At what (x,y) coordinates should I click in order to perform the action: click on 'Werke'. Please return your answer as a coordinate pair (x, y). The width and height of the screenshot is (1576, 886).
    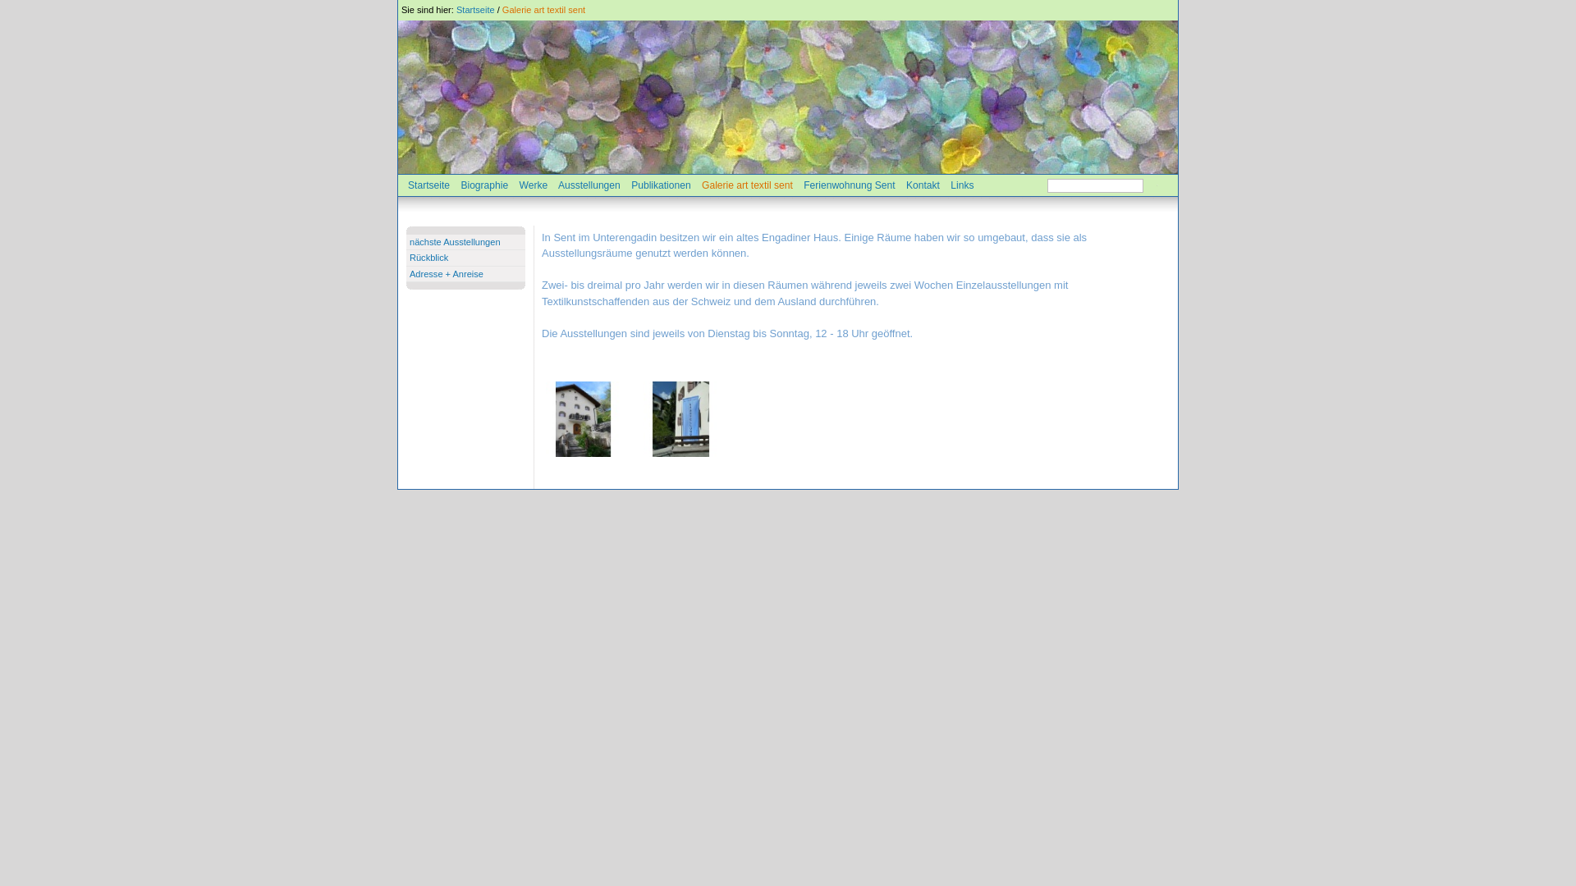
    Looking at the image, I should click on (533, 185).